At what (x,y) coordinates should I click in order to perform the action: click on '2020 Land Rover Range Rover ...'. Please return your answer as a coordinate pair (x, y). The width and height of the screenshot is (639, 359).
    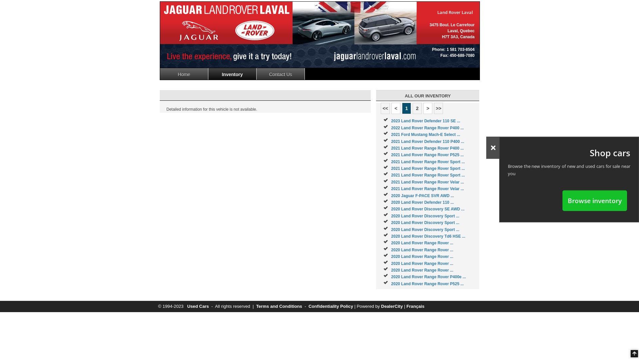
    Looking at the image, I should click on (422, 263).